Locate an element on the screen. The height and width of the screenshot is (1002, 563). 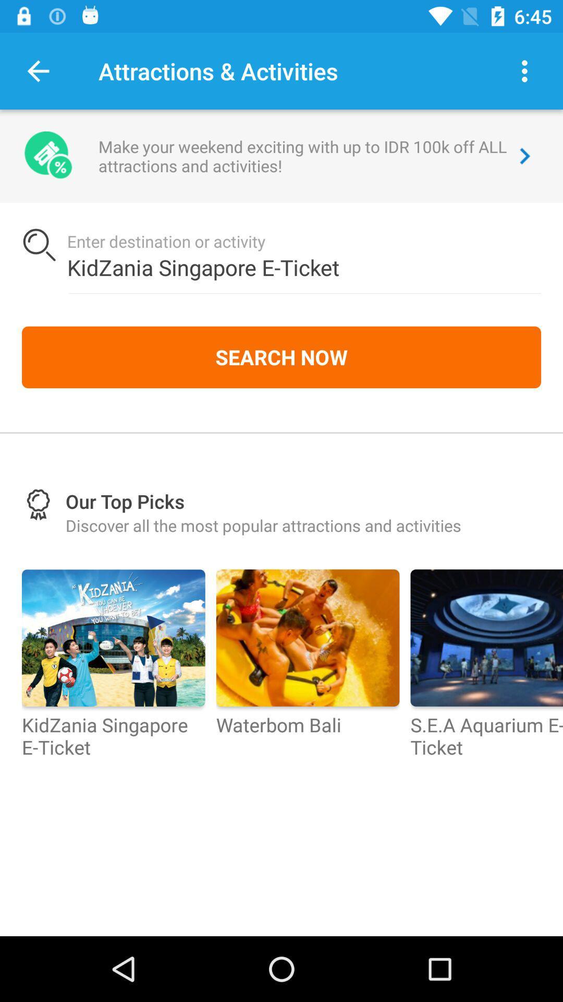
the icon above the make your weekend item is located at coordinates (524, 70).